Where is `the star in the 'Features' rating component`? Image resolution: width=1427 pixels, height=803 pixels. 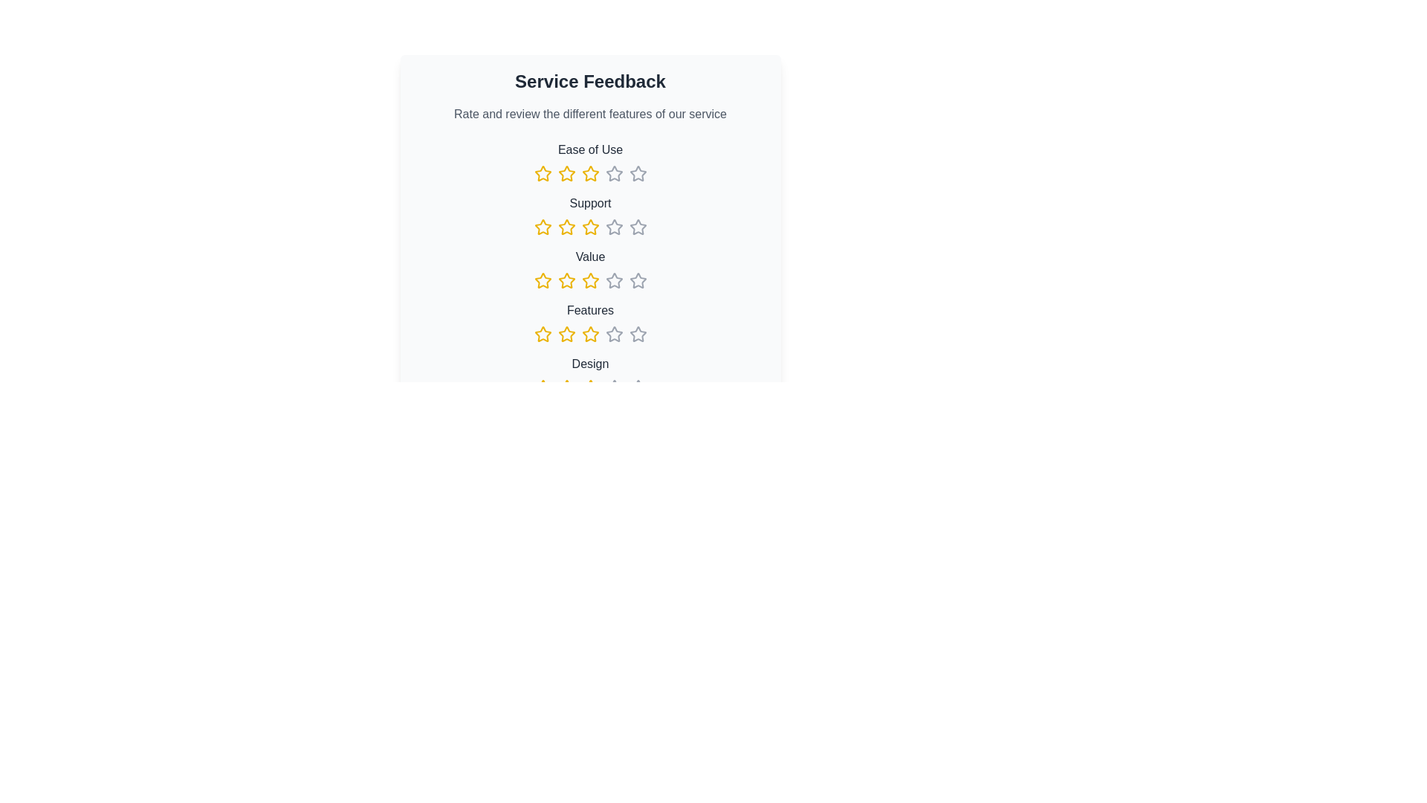
the star in the 'Features' rating component is located at coordinates (589, 335).